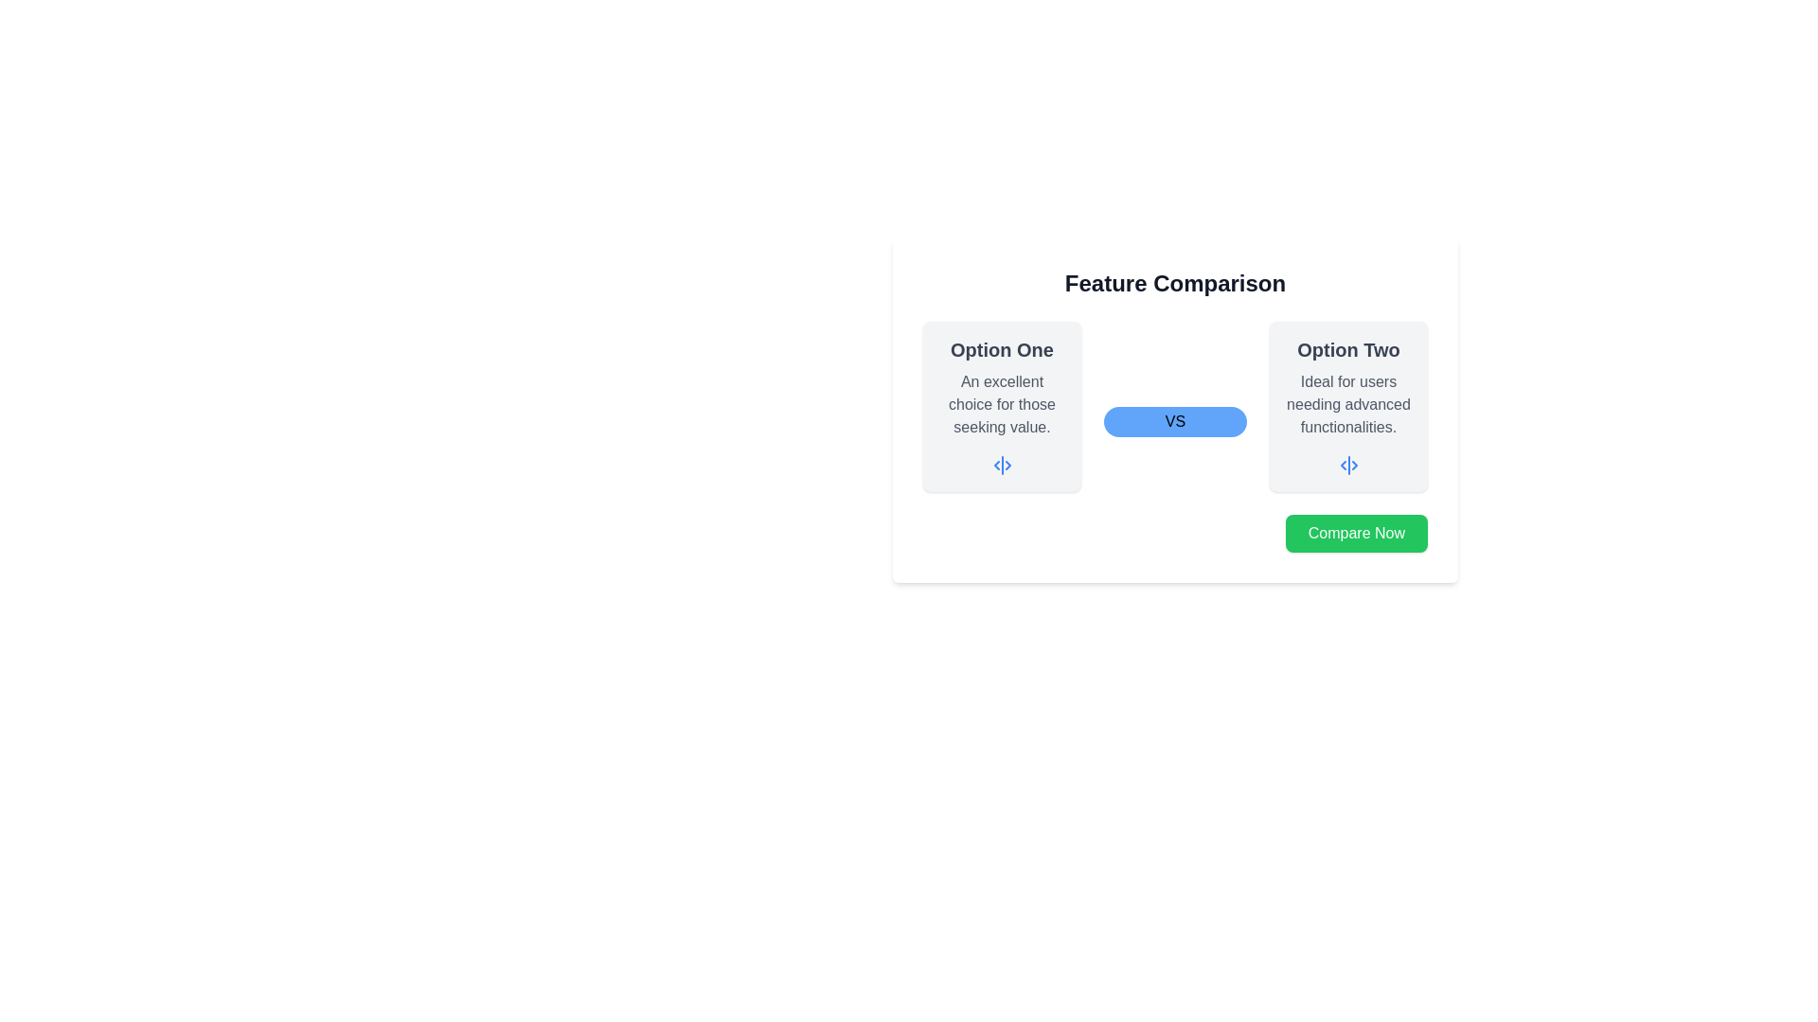 The height and width of the screenshot is (1022, 1818). Describe the element at coordinates (1347, 466) in the screenshot. I see `the decorative vertical separator icon located at the bottom of the 'Option Two' card, which is styled in blue and features a vertical line with inward-pointing chevrons` at that location.